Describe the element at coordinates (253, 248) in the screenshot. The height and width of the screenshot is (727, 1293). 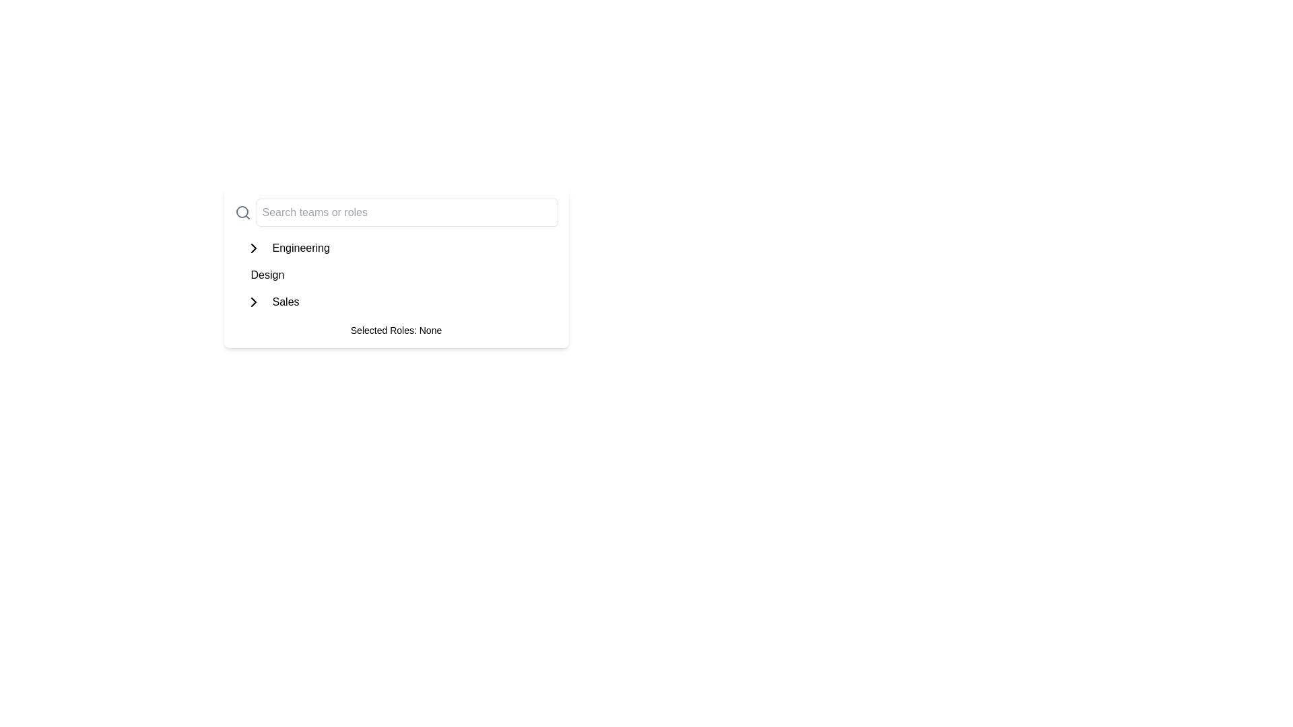
I see `the rightward-facing chevron icon adjacent to the 'Sales' item in the vertical list to trigger a tooltip or visual effect` at that location.